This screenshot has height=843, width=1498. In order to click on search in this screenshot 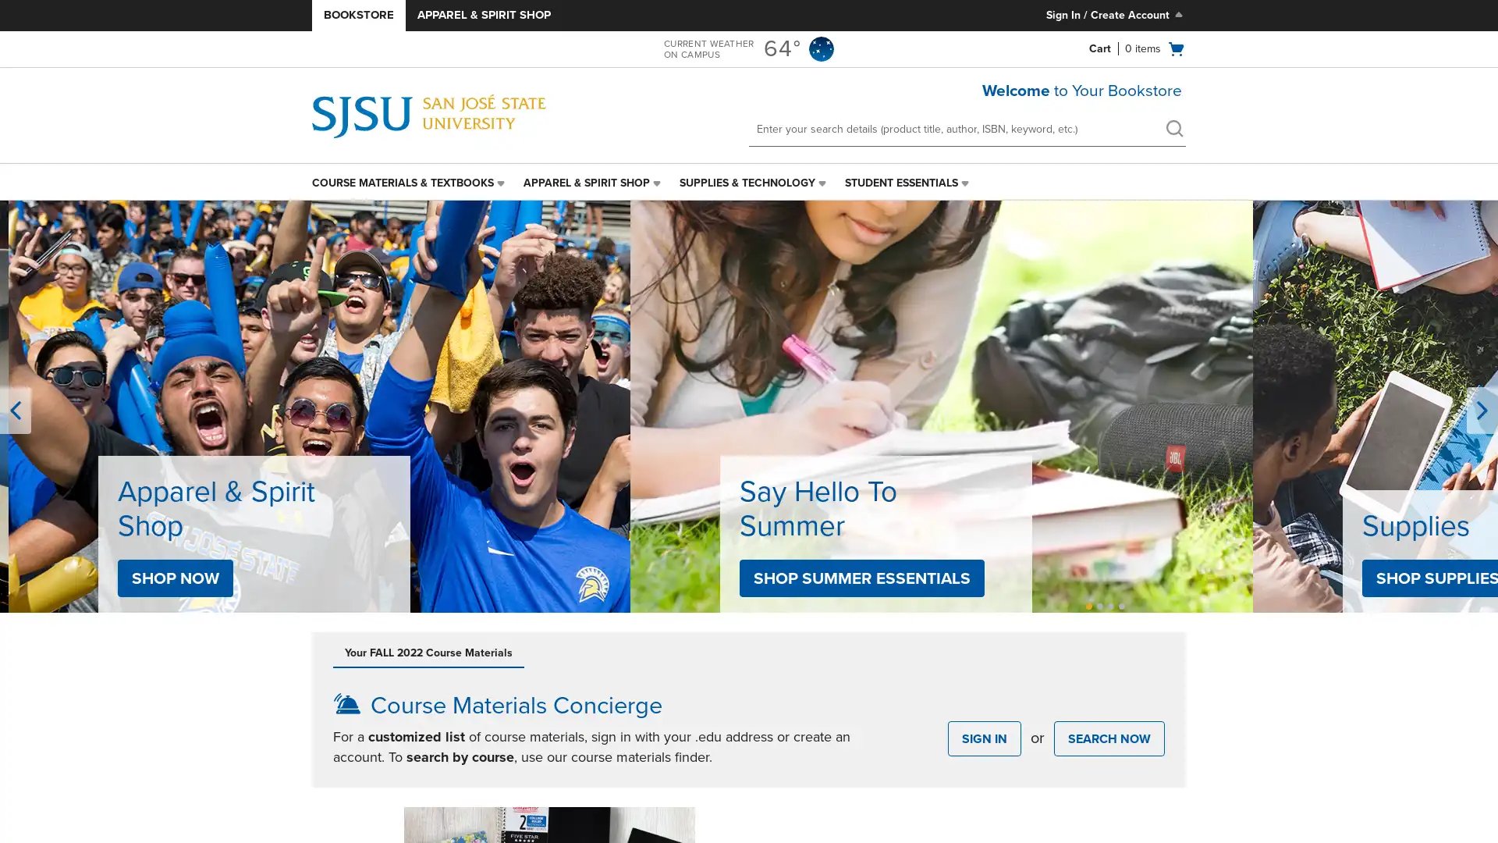, I will do `click(1174, 128)`.